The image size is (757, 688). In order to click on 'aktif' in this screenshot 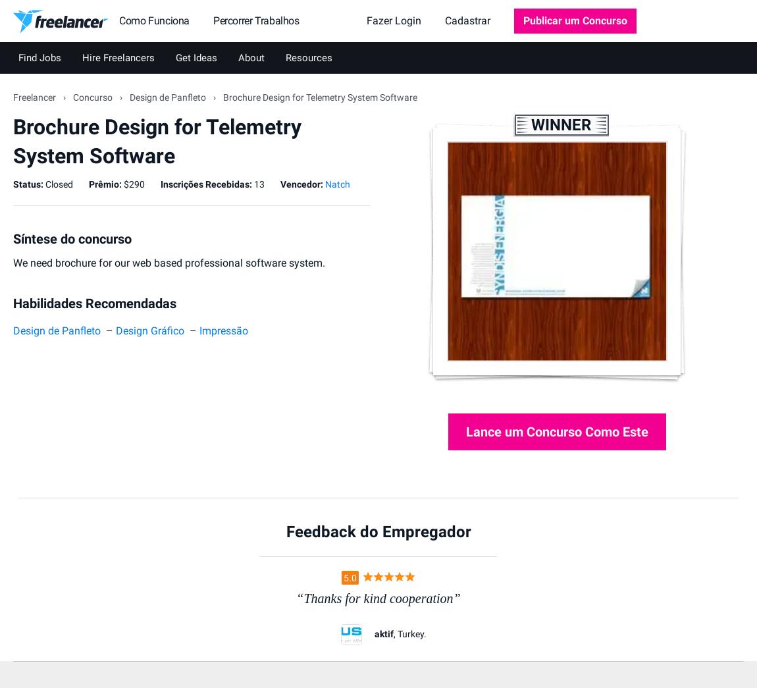, I will do `click(383, 633)`.